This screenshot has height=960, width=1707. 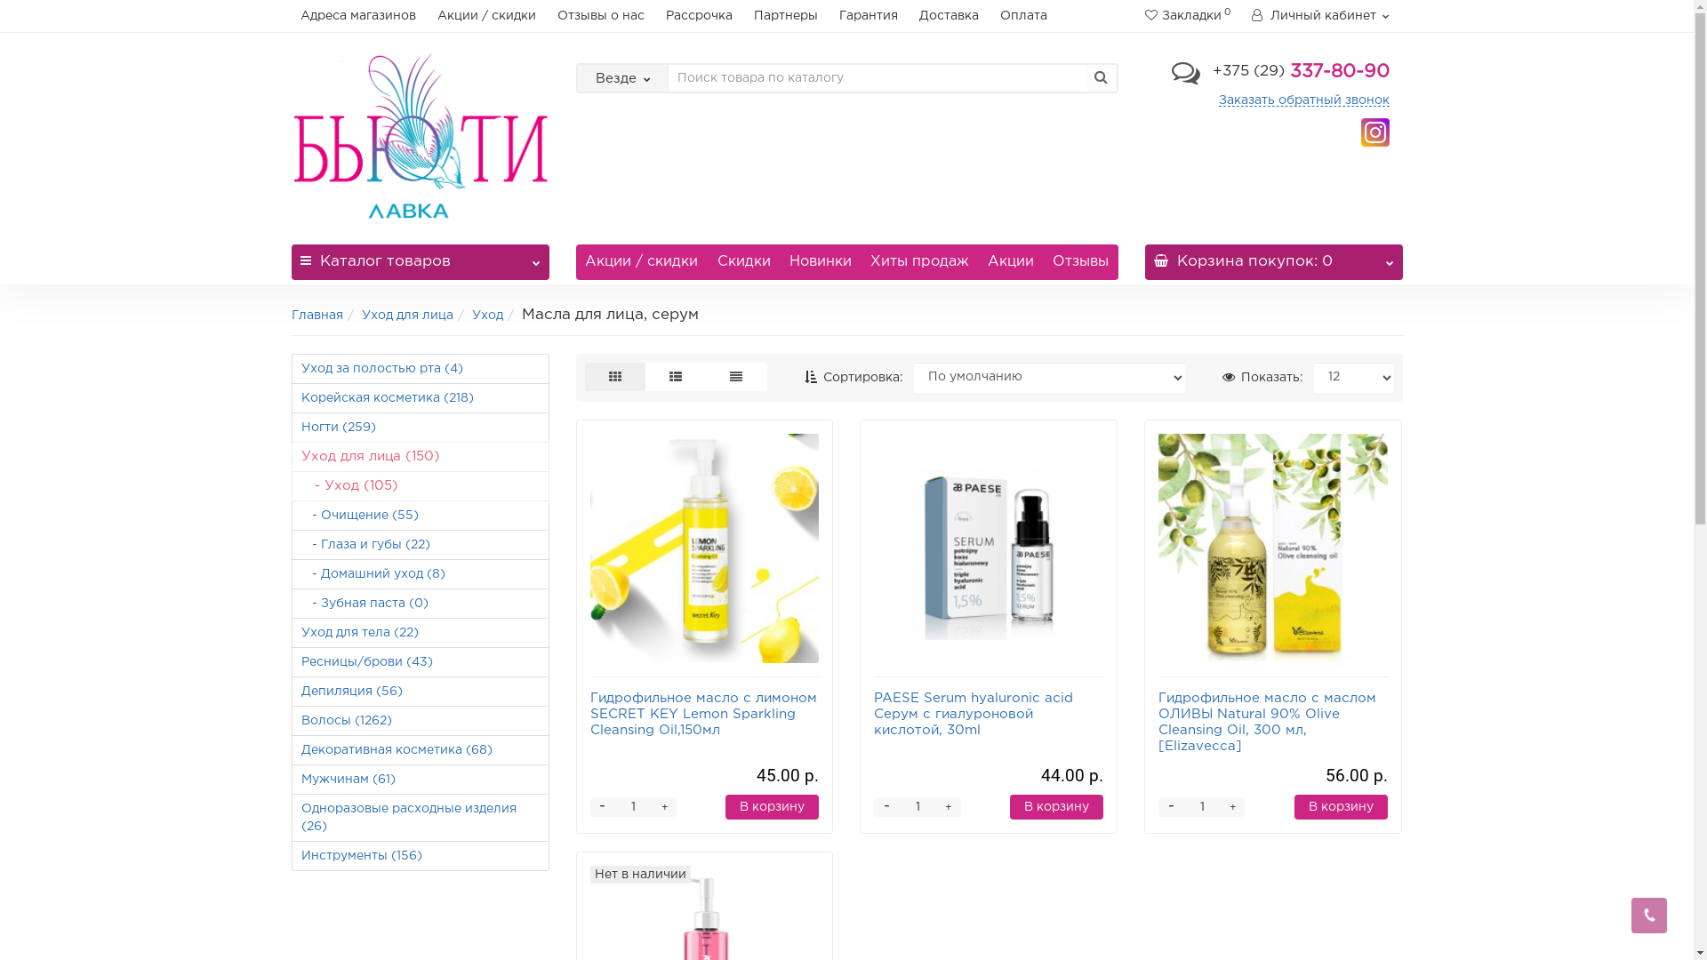 I want to click on '-', so click(x=874, y=806).